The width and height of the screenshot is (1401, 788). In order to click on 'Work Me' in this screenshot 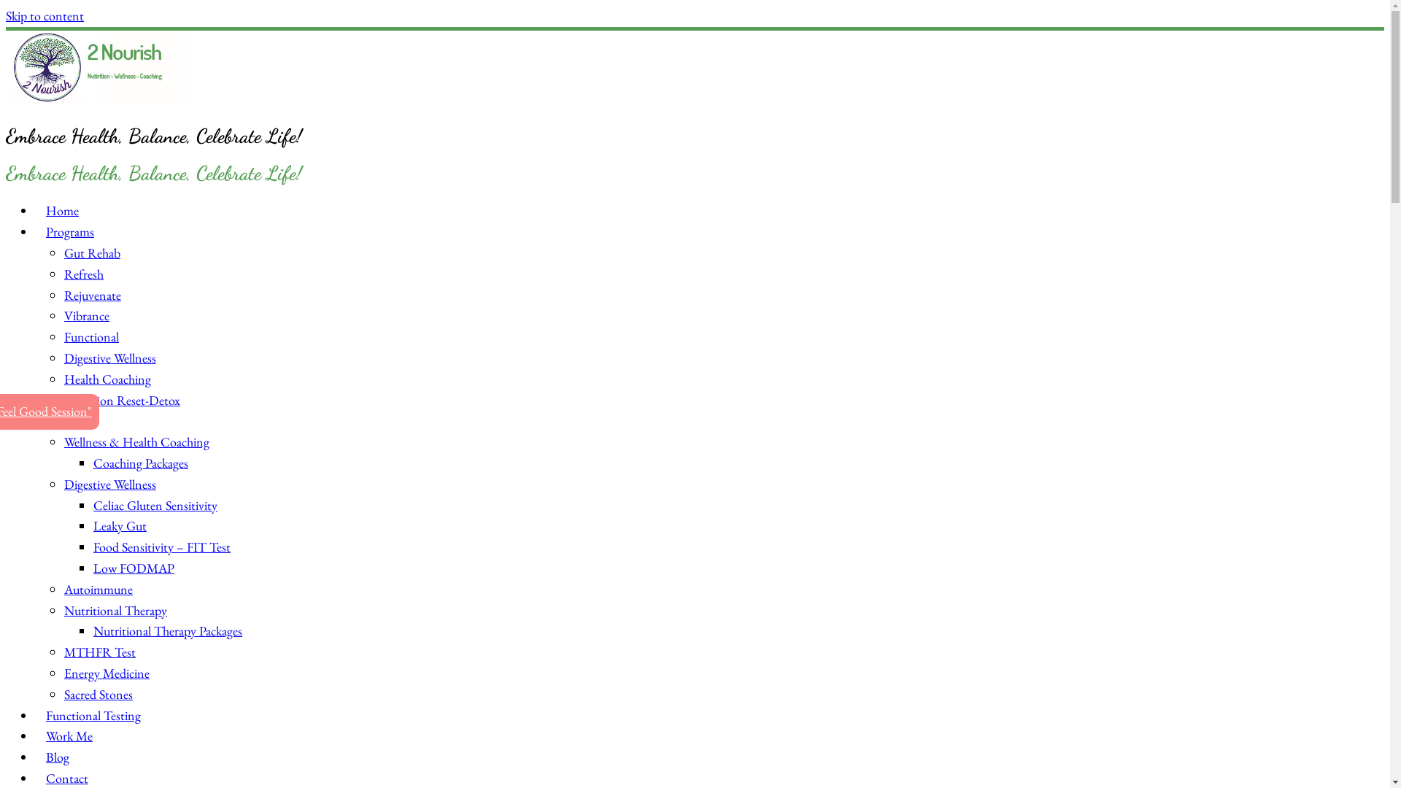, I will do `click(69, 735)`.